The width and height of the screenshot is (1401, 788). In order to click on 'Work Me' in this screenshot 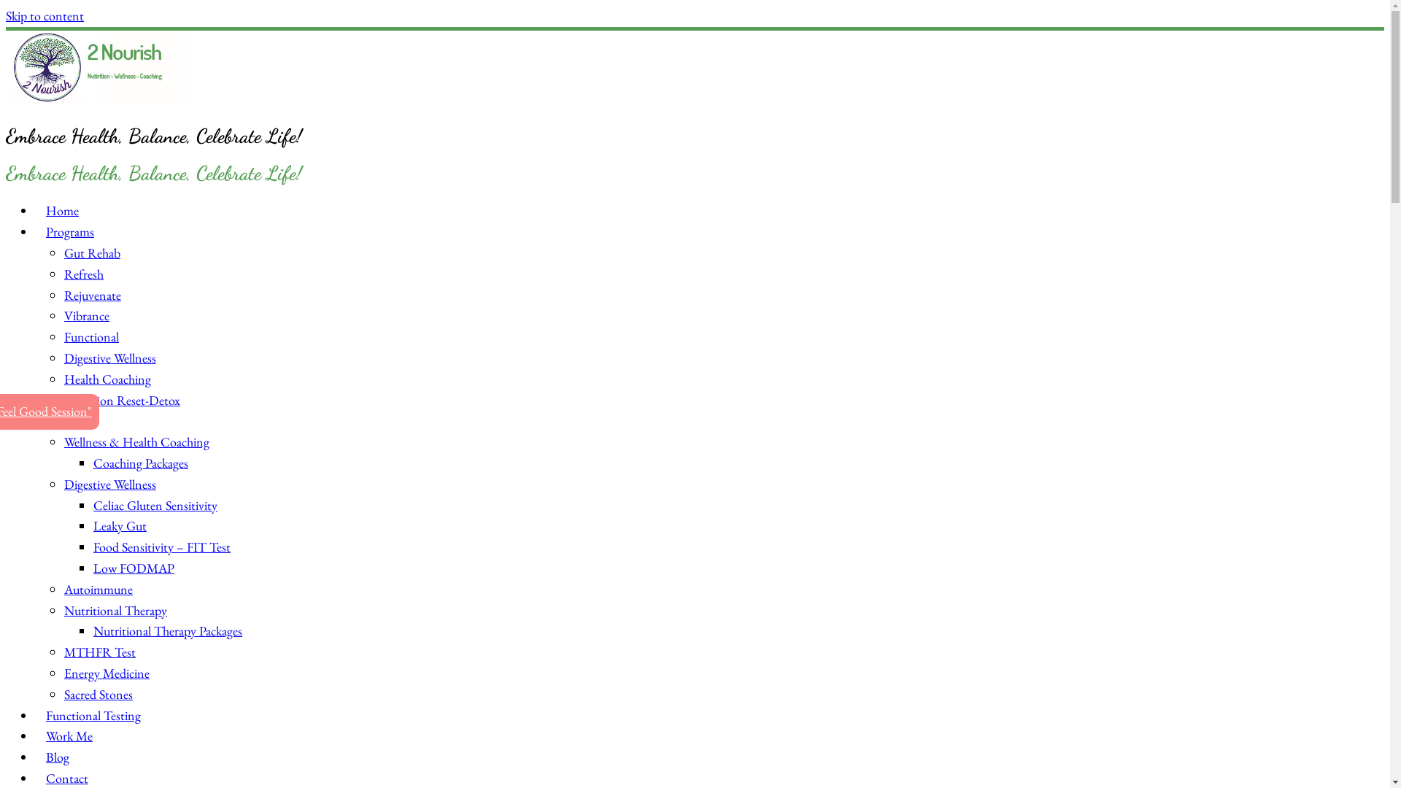, I will do `click(69, 735)`.